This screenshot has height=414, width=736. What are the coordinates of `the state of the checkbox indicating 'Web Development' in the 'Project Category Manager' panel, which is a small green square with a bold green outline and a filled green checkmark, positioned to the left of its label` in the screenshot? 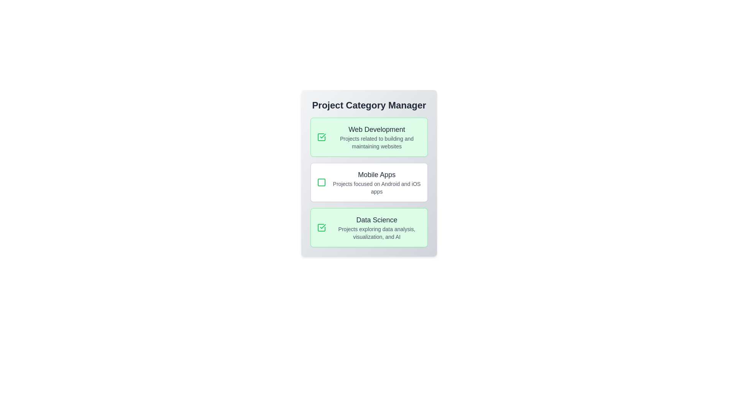 It's located at (322, 137).